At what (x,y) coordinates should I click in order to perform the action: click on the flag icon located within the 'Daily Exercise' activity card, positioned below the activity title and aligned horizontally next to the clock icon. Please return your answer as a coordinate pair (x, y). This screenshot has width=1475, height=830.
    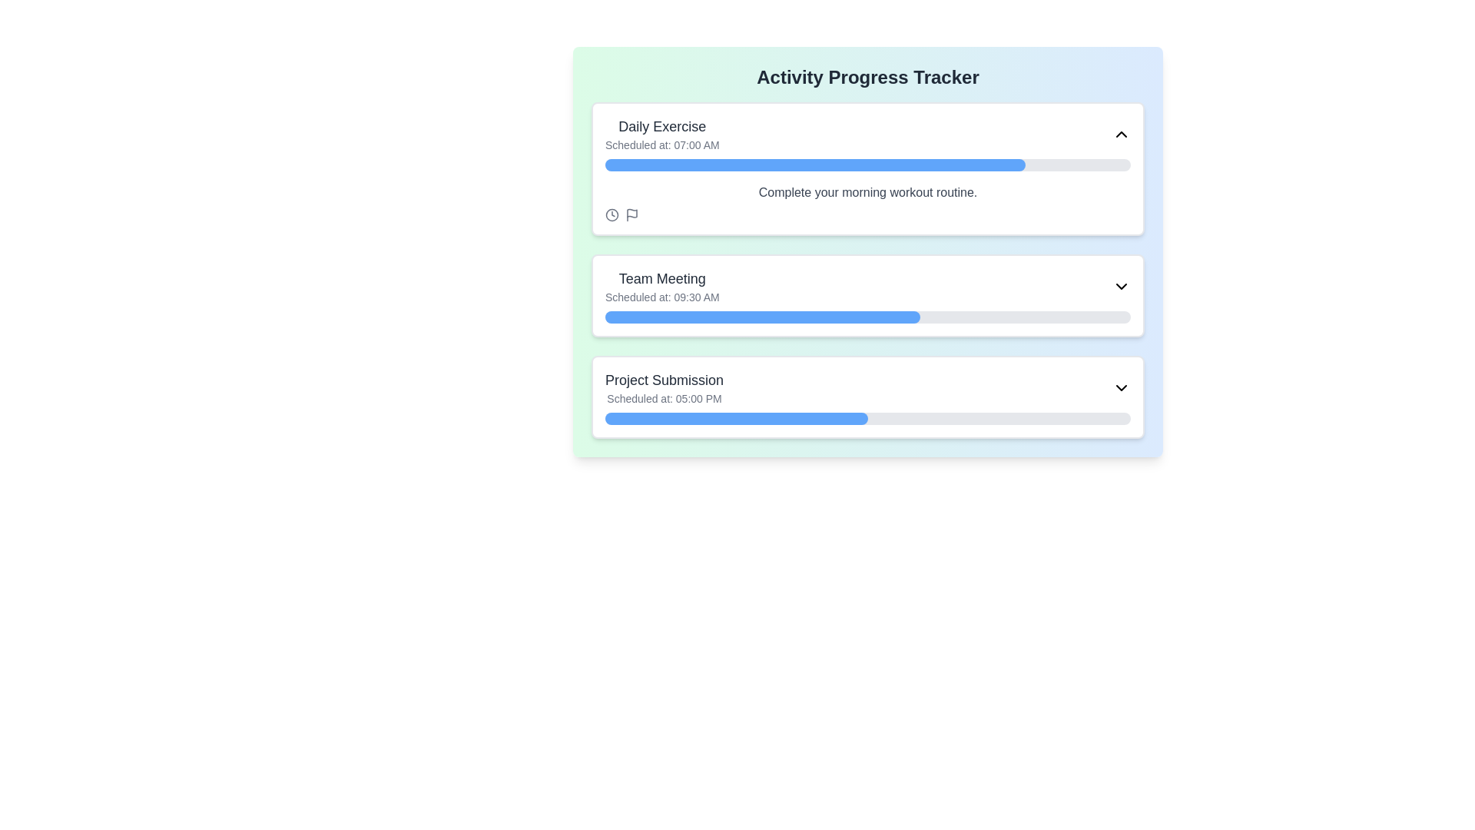
    Looking at the image, I should click on (631, 213).